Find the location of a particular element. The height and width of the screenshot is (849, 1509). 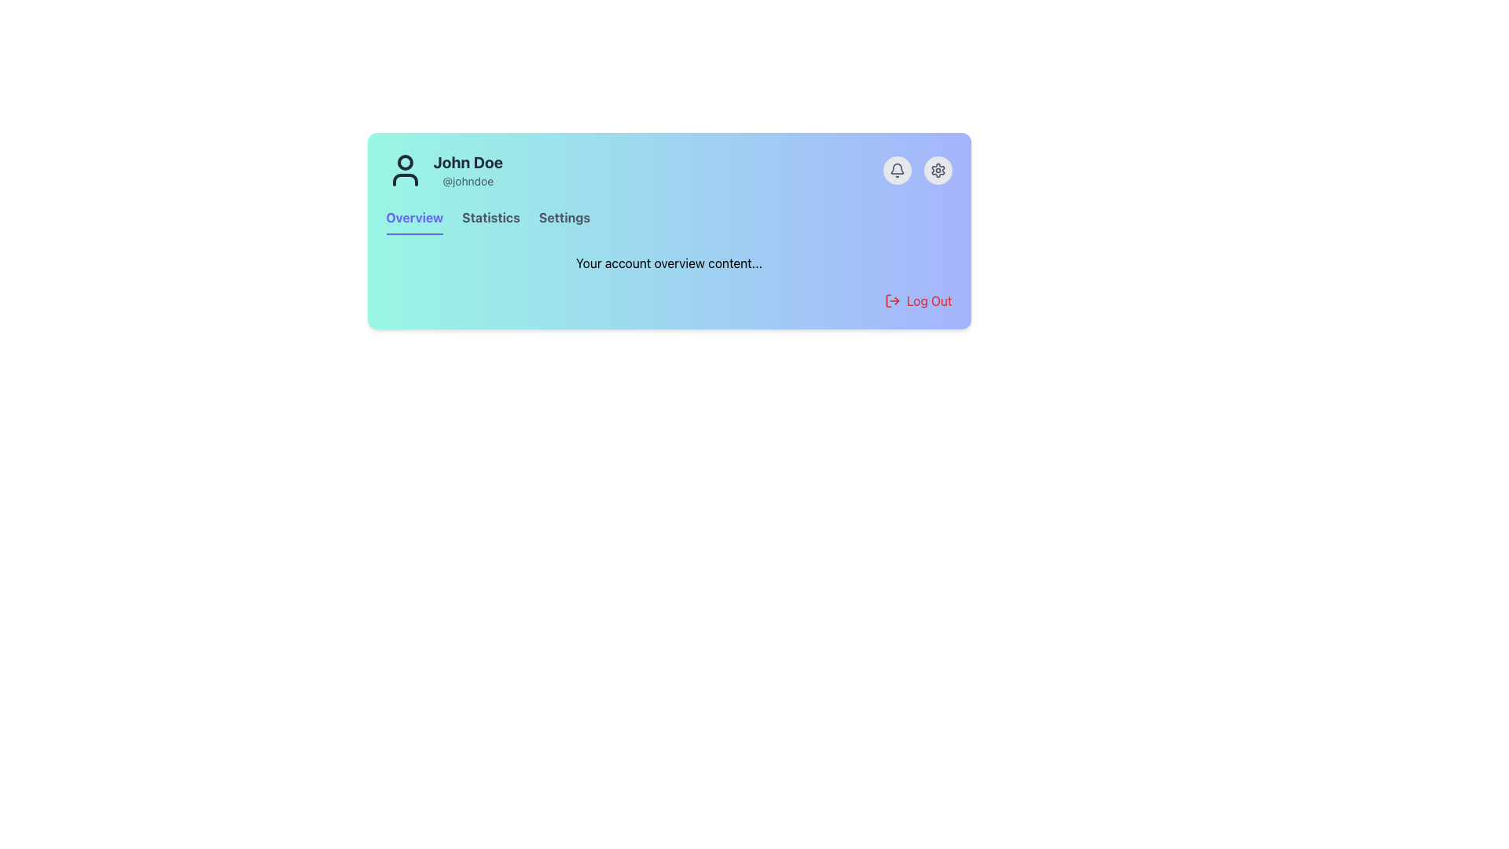

the circular button with a light gray background and a bell icon, located to the right of the user profile section in the card layout is located at coordinates (897, 170).